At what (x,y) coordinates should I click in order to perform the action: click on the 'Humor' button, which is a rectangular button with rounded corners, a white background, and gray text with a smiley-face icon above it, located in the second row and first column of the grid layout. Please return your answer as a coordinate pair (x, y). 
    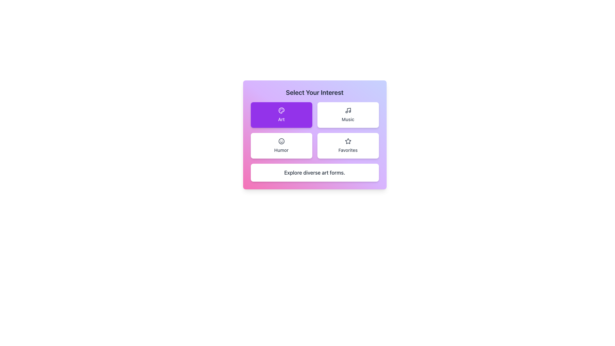
    Looking at the image, I should click on (281, 146).